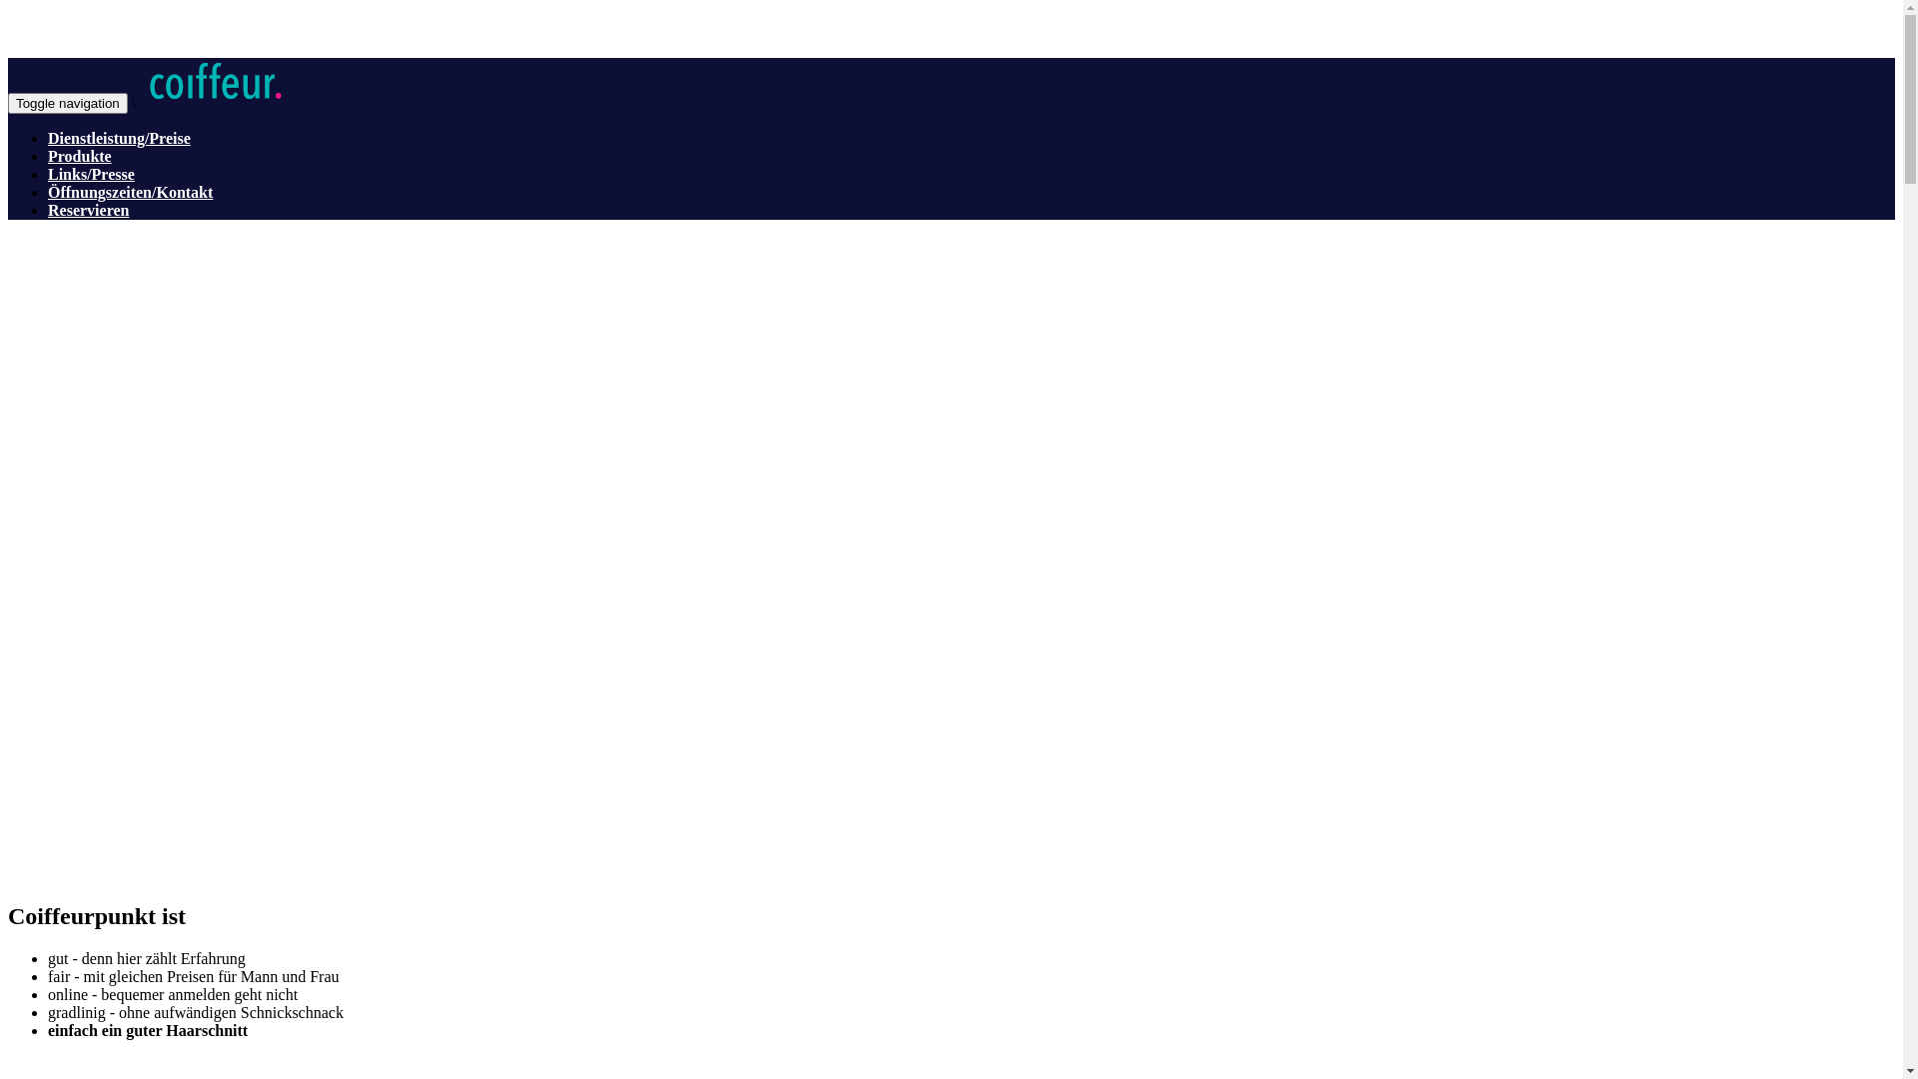  What do you see at coordinates (48, 173) in the screenshot?
I see `'Links/Presse'` at bounding box center [48, 173].